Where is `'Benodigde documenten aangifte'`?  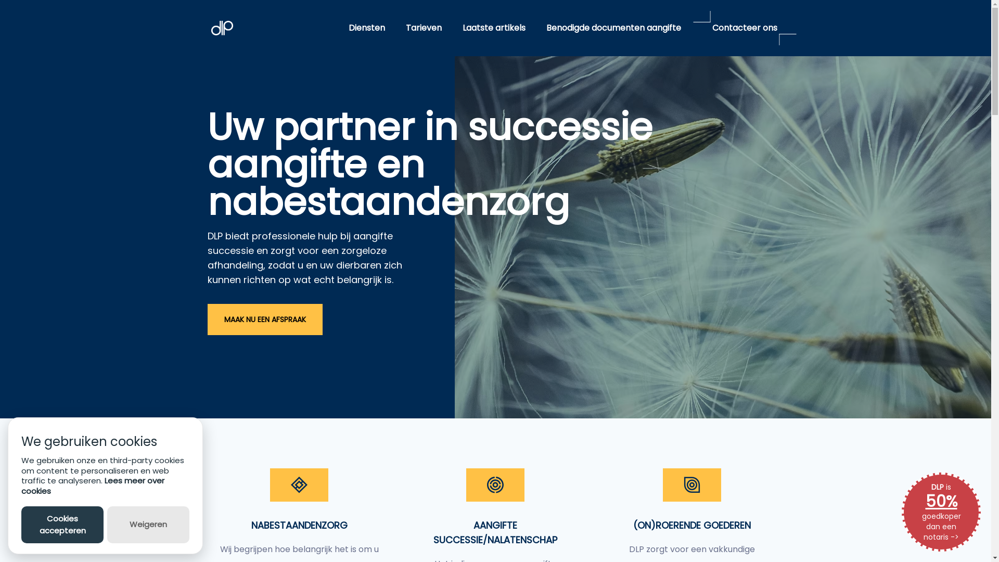
'Benodigde documenten aangifte' is located at coordinates (613, 27).